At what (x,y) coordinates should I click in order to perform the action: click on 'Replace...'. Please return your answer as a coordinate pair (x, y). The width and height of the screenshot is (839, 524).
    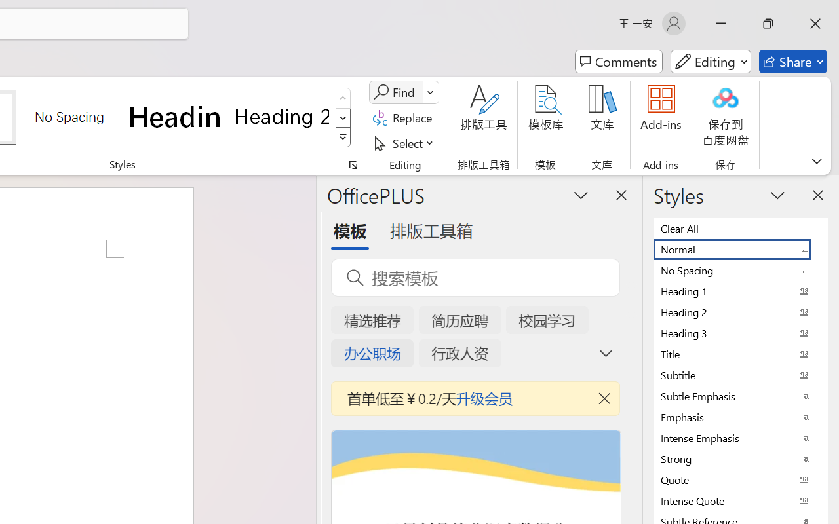
    Looking at the image, I should click on (404, 117).